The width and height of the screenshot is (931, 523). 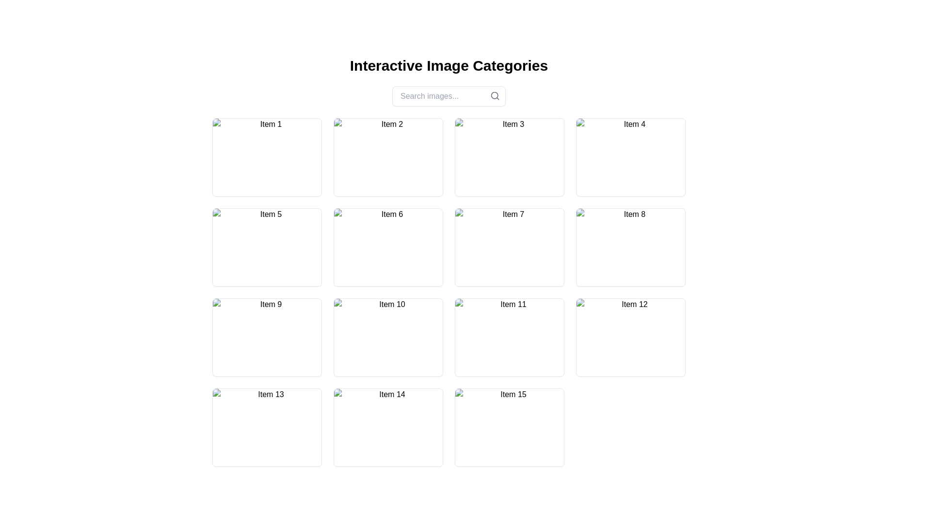 I want to click on the placeholder image associated with 'Item 10' located in the grid under 'Item 6' and above 'Item 14', so click(x=388, y=337).